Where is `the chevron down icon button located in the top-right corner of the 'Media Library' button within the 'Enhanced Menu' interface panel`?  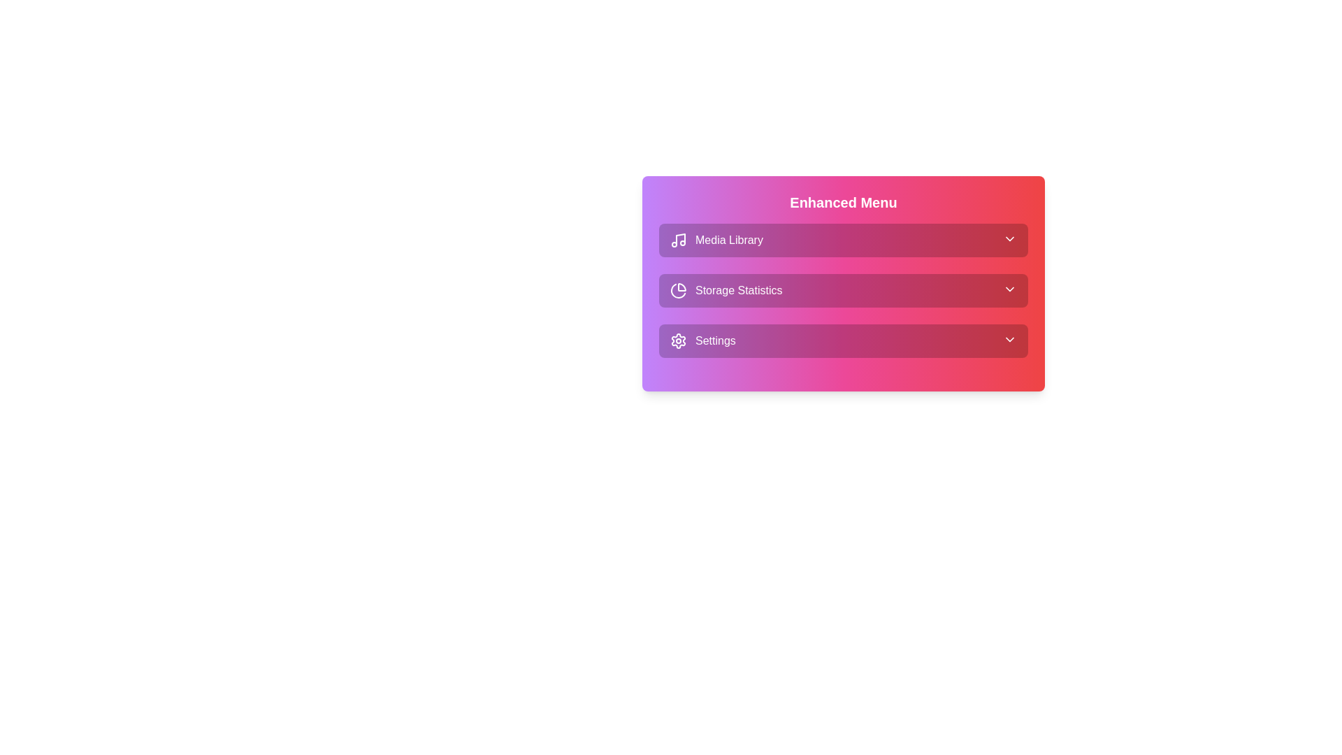
the chevron down icon button located in the top-right corner of the 'Media Library' button within the 'Enhanced Menu' interface panel is located at coordinates (1009, 238).